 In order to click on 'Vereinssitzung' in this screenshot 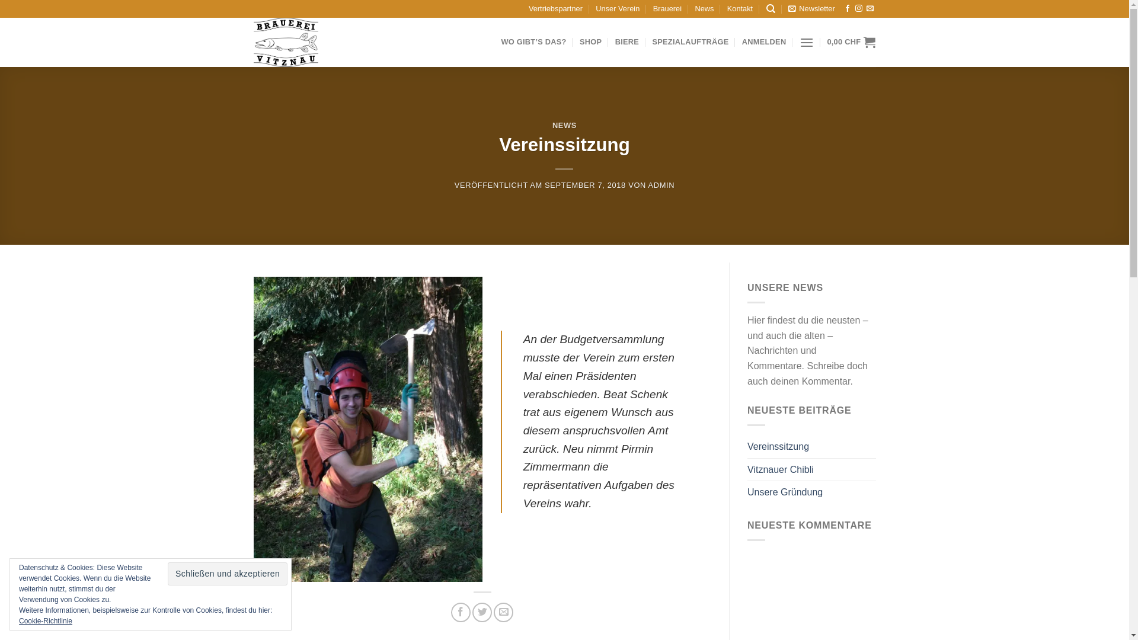, I will do `click(778, 446)`.